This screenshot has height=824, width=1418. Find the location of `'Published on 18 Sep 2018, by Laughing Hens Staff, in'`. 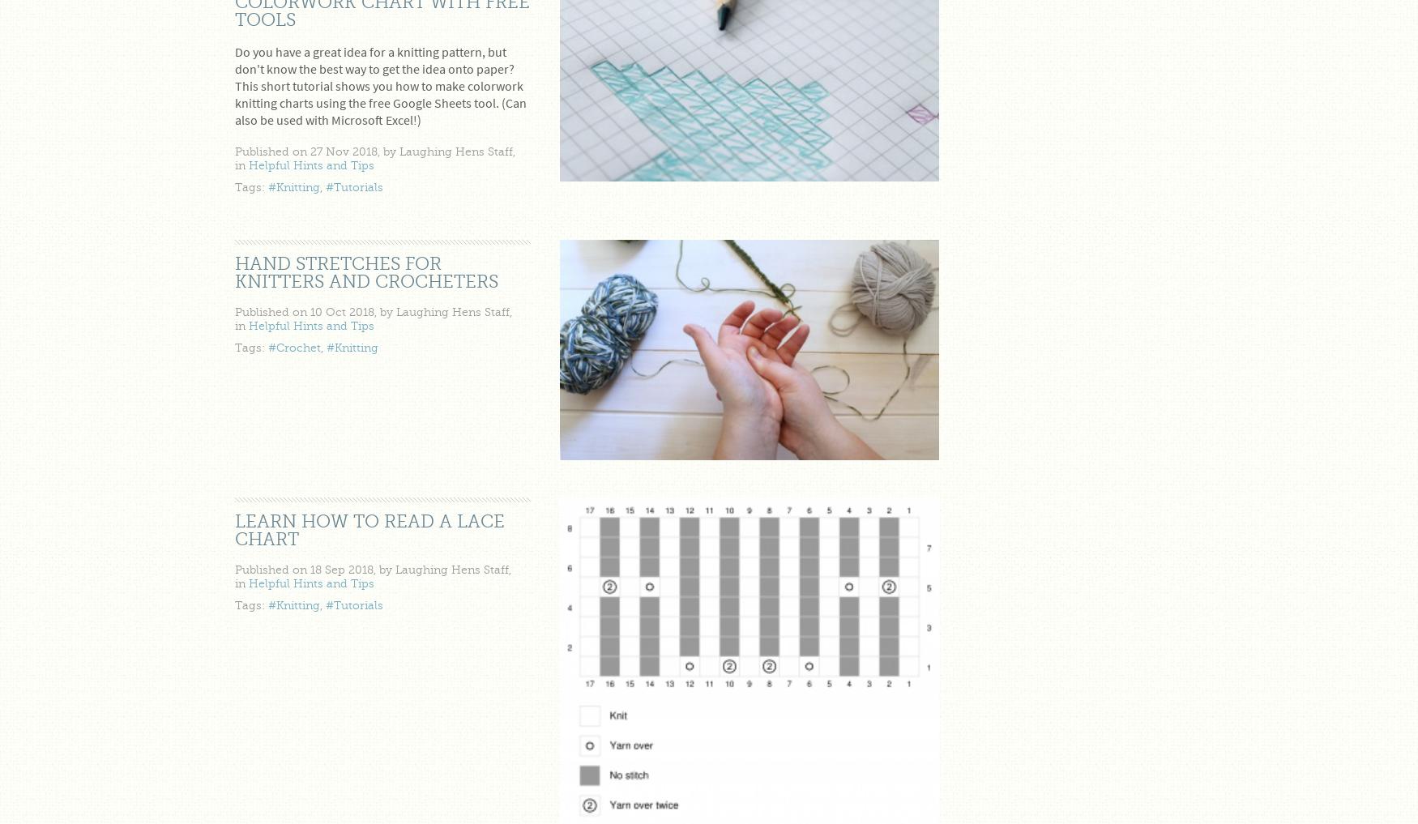

'Published on 18 Sep 2018, by Laughing Hens Staff, in' is located at coordinates (233, 574).